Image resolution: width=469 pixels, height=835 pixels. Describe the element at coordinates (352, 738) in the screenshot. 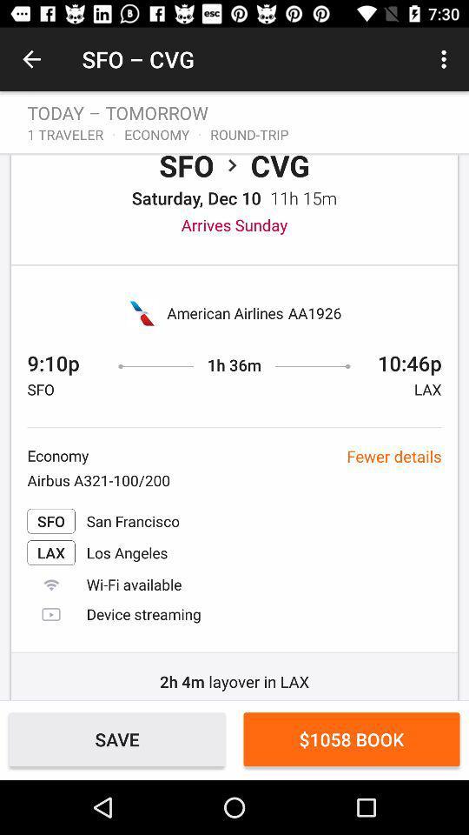

I see `$1058 book at the bottom right corner` at that location.